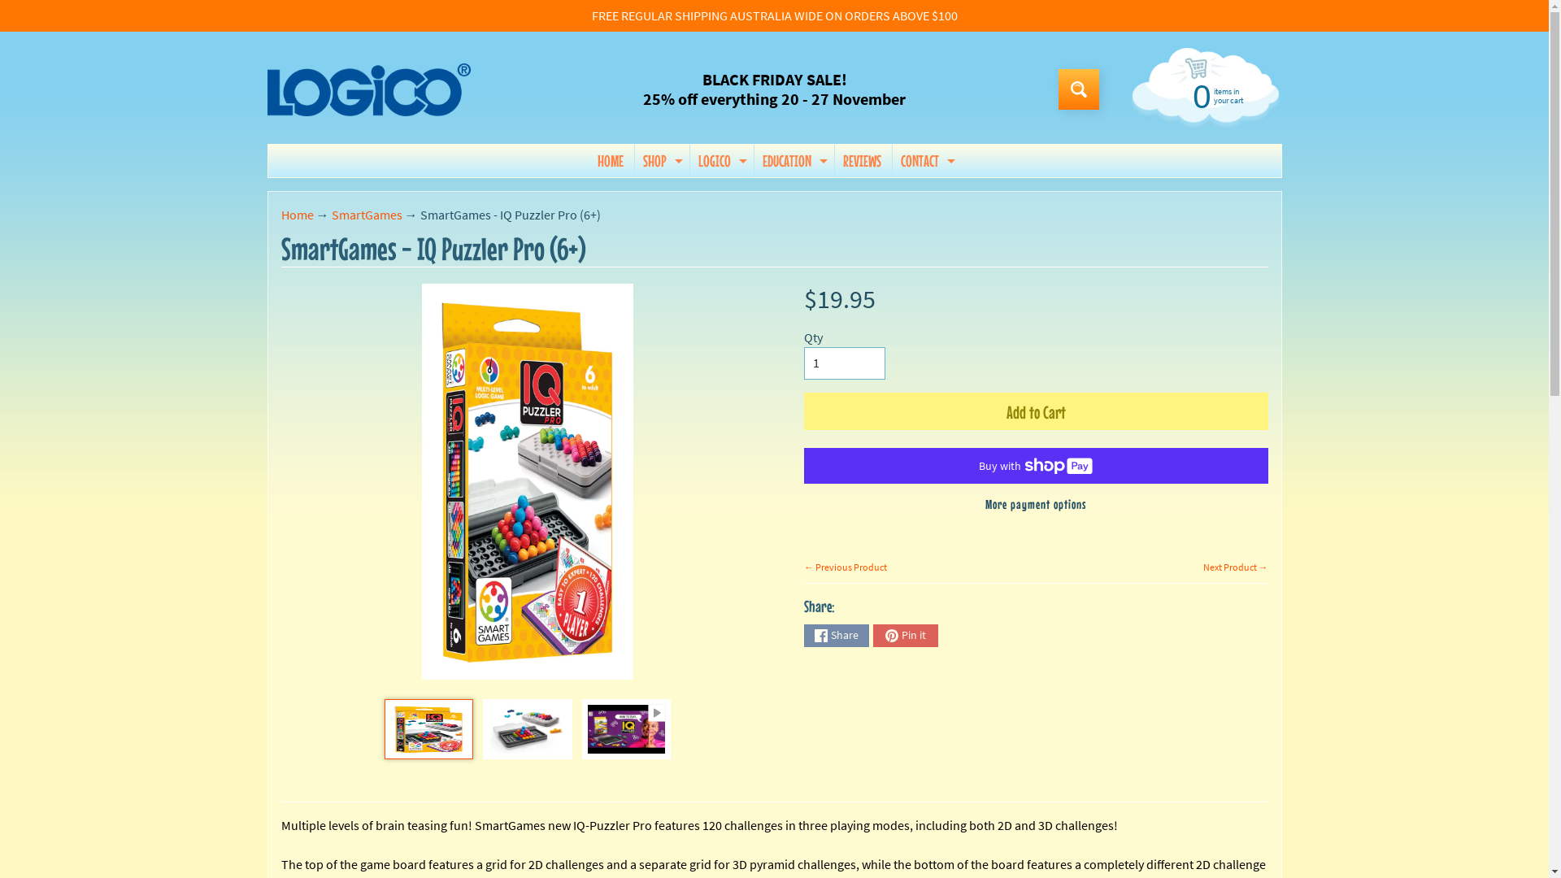  Describe the element at coordinates (690, 160) in the screenshot. I see `'LOGICO` at that location.